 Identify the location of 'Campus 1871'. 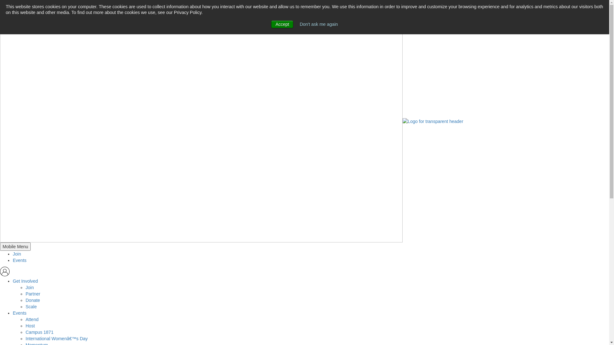
(39, 332).